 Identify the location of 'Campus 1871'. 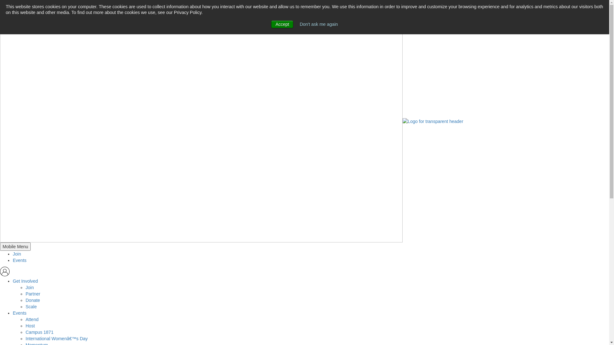
(39, 332).